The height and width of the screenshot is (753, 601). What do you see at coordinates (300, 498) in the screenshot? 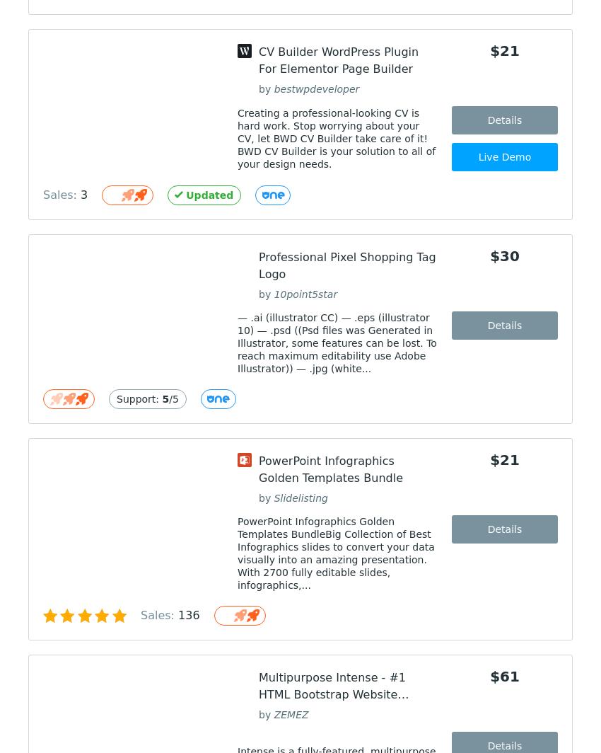
I see `'Slidelisting'` at bounding box center [300, 498].